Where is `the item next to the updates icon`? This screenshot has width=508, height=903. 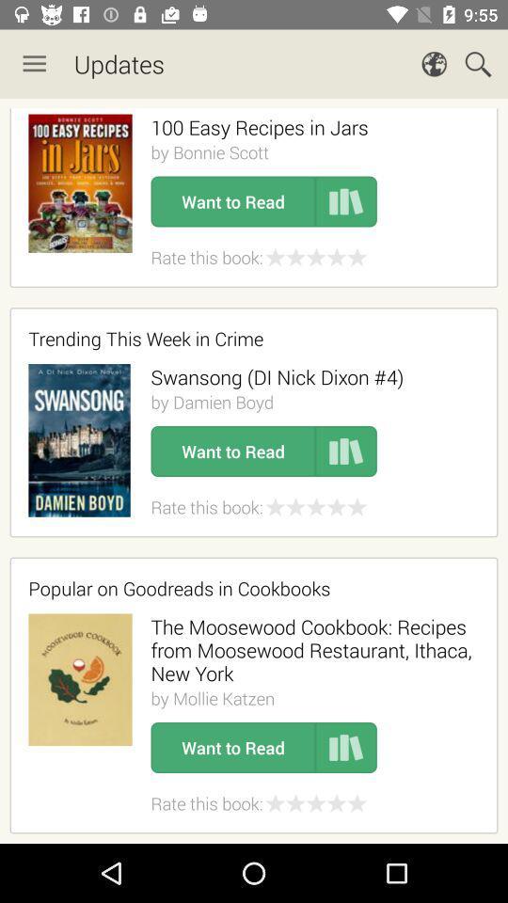 the item next to the updates icon is located at coordinates (34, 64).